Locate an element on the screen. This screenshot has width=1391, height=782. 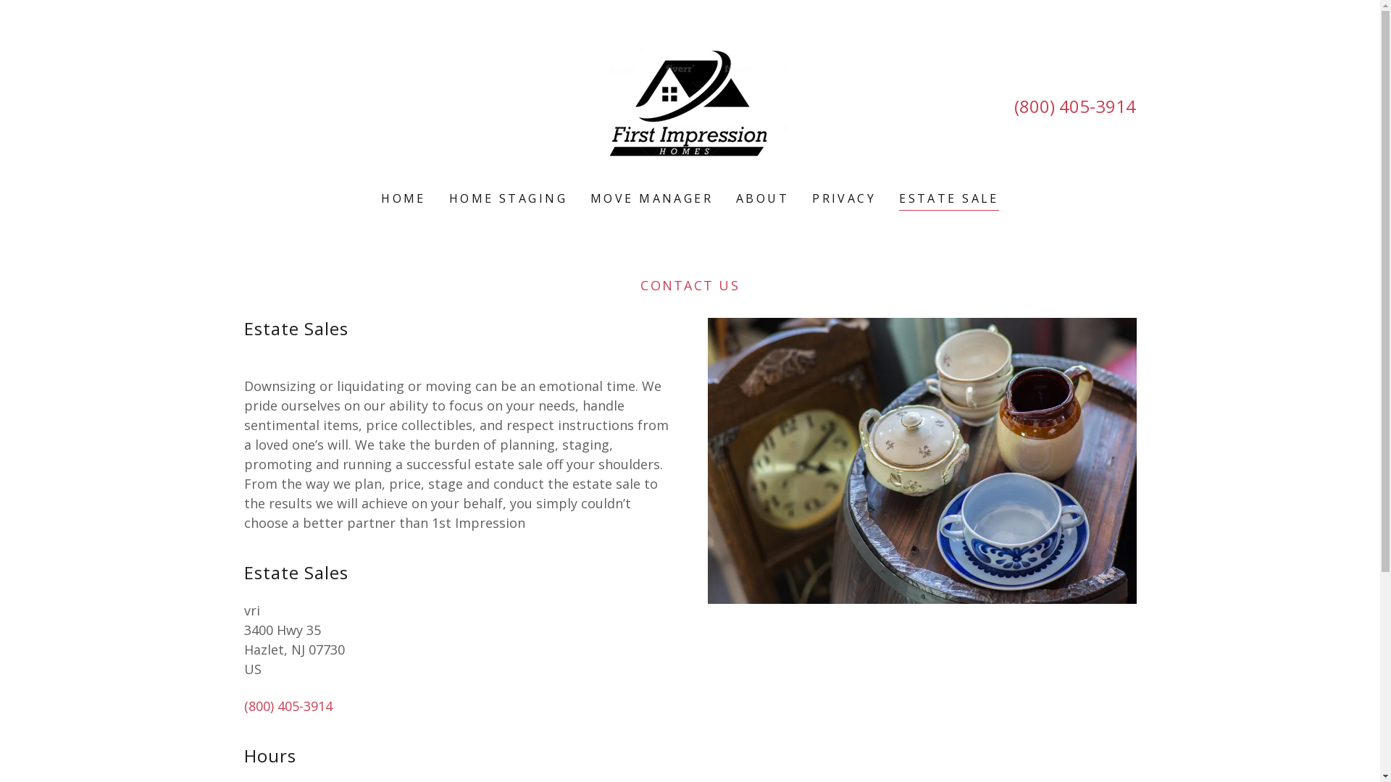
'HOME STAGING' is located at coordinates (508, 198).